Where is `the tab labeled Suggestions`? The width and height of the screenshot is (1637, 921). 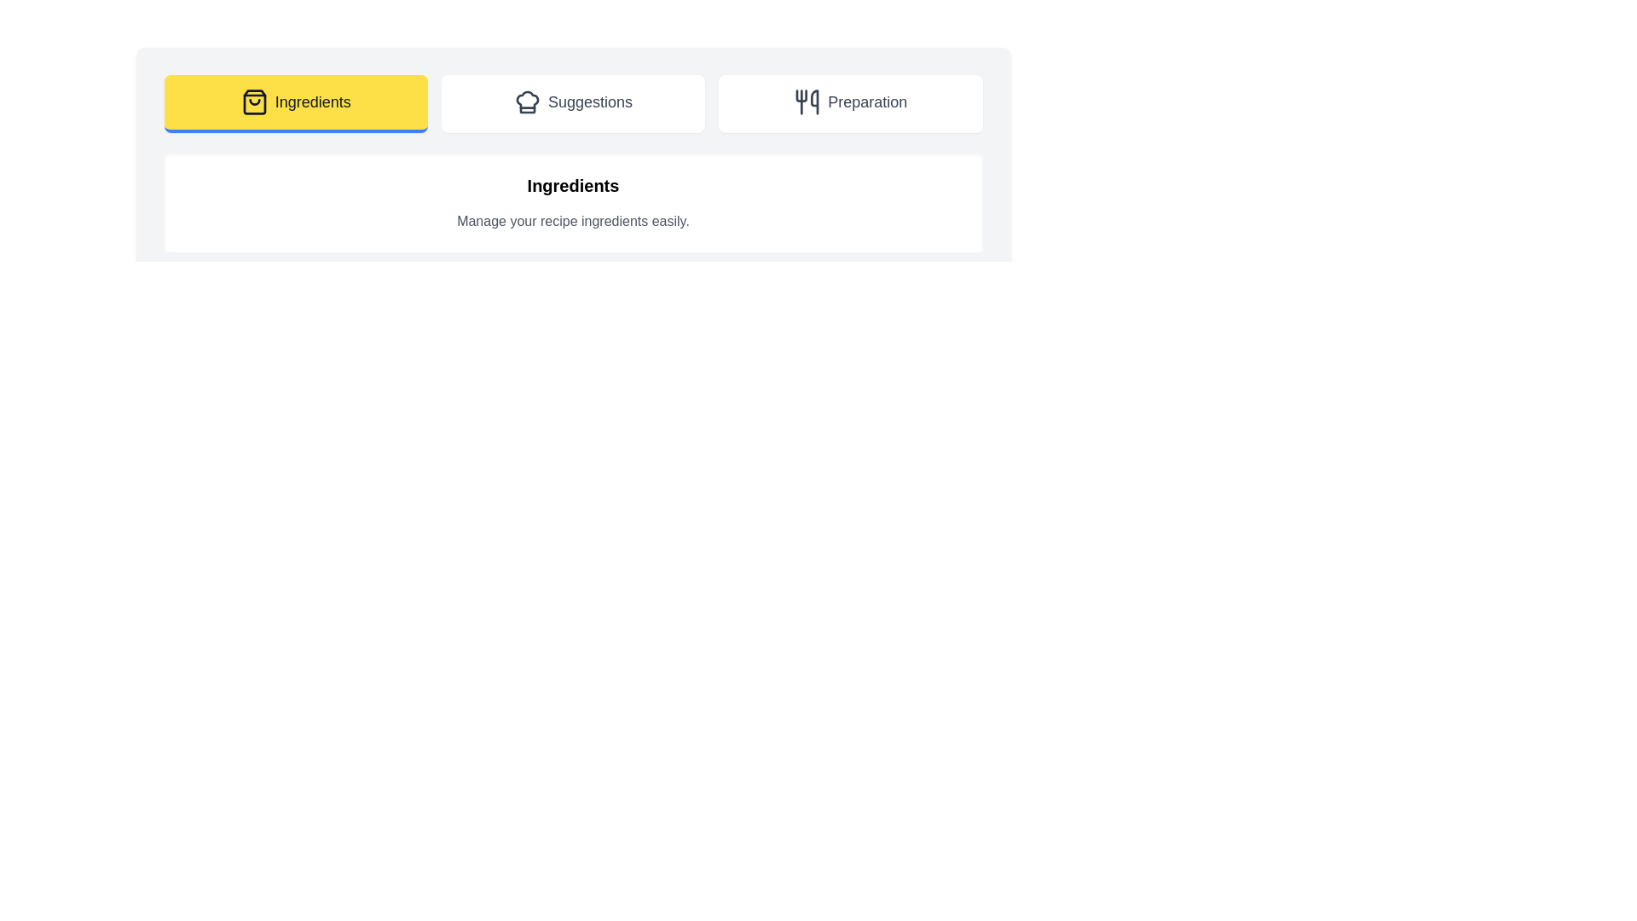 the tab labeled Suggestions is located at coordinates (573, 104).